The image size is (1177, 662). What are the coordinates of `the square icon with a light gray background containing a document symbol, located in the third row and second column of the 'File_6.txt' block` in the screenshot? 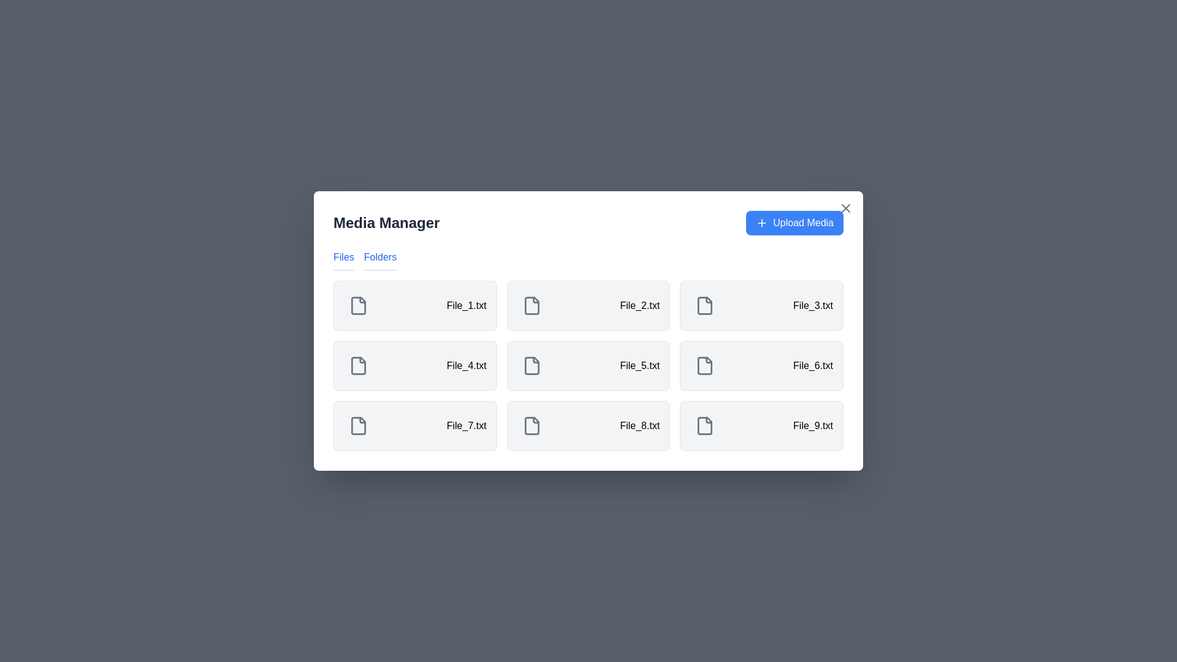 It's located at (705, 365).